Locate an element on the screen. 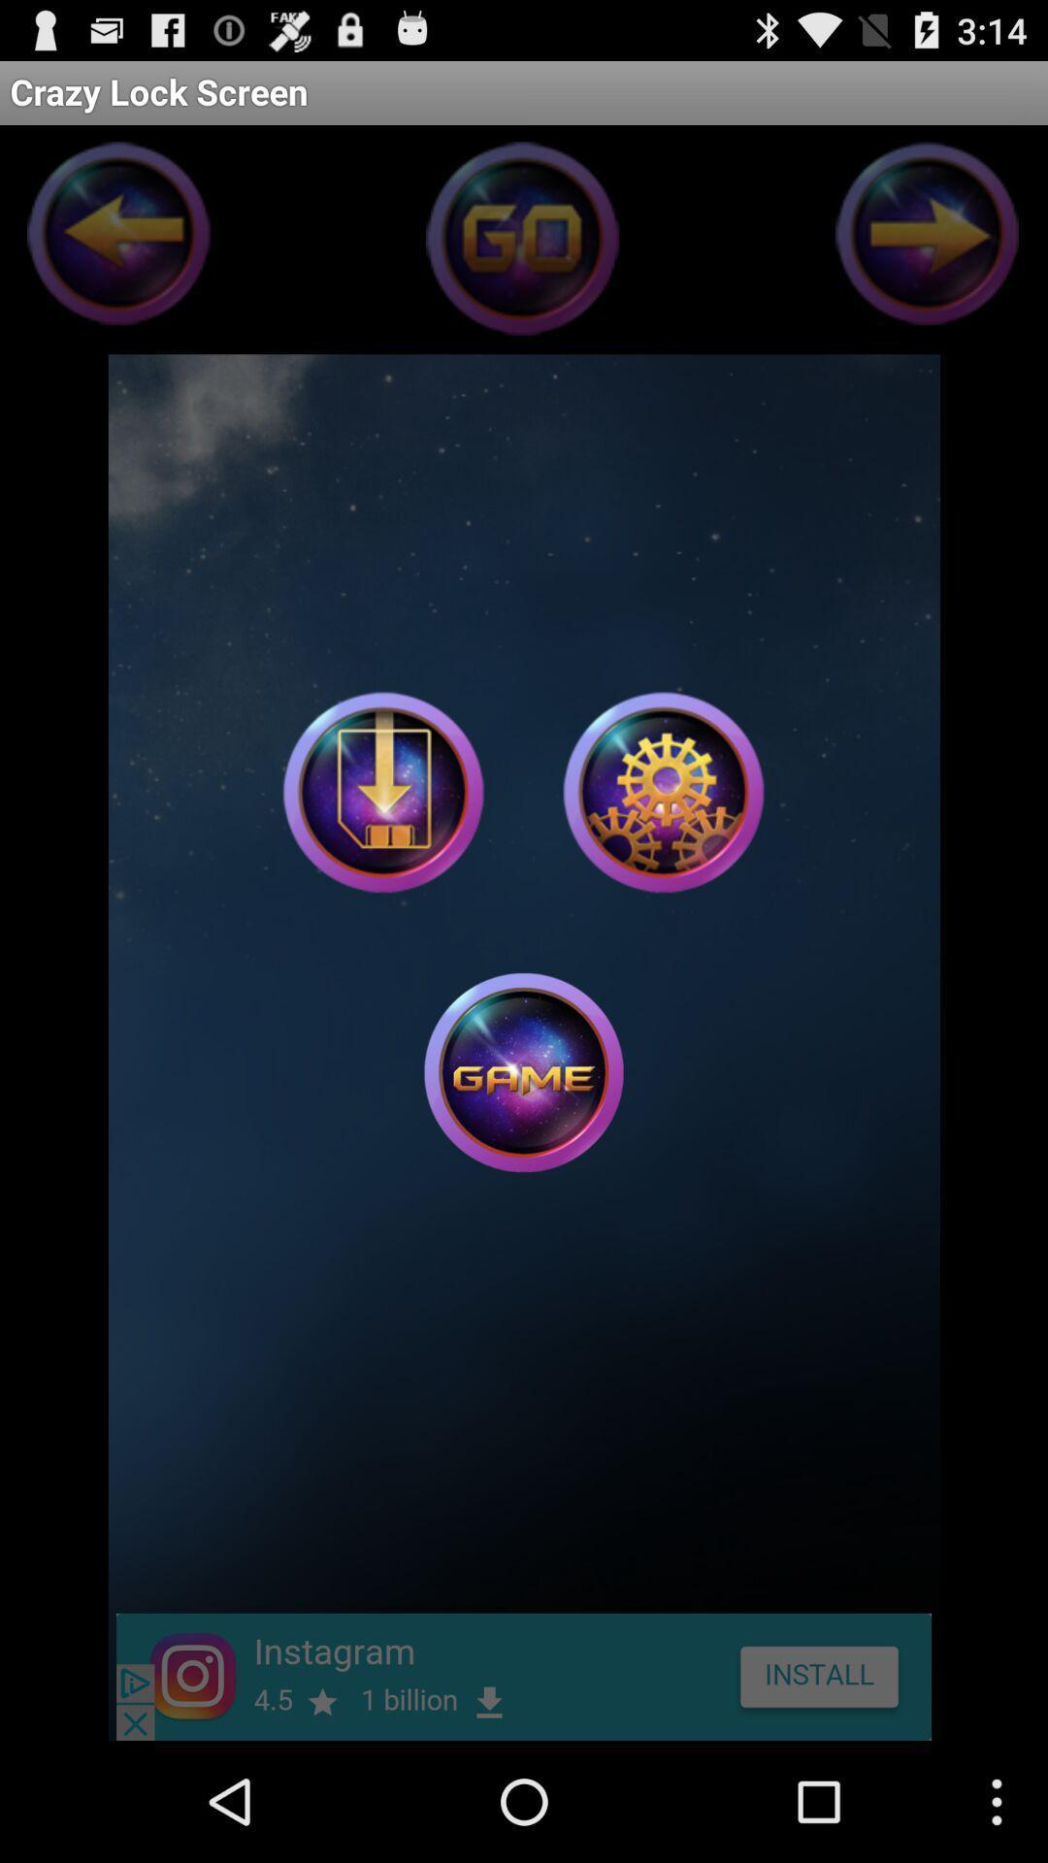 The image size is (1048, 1863). settings is located at coordinates (662, 792).